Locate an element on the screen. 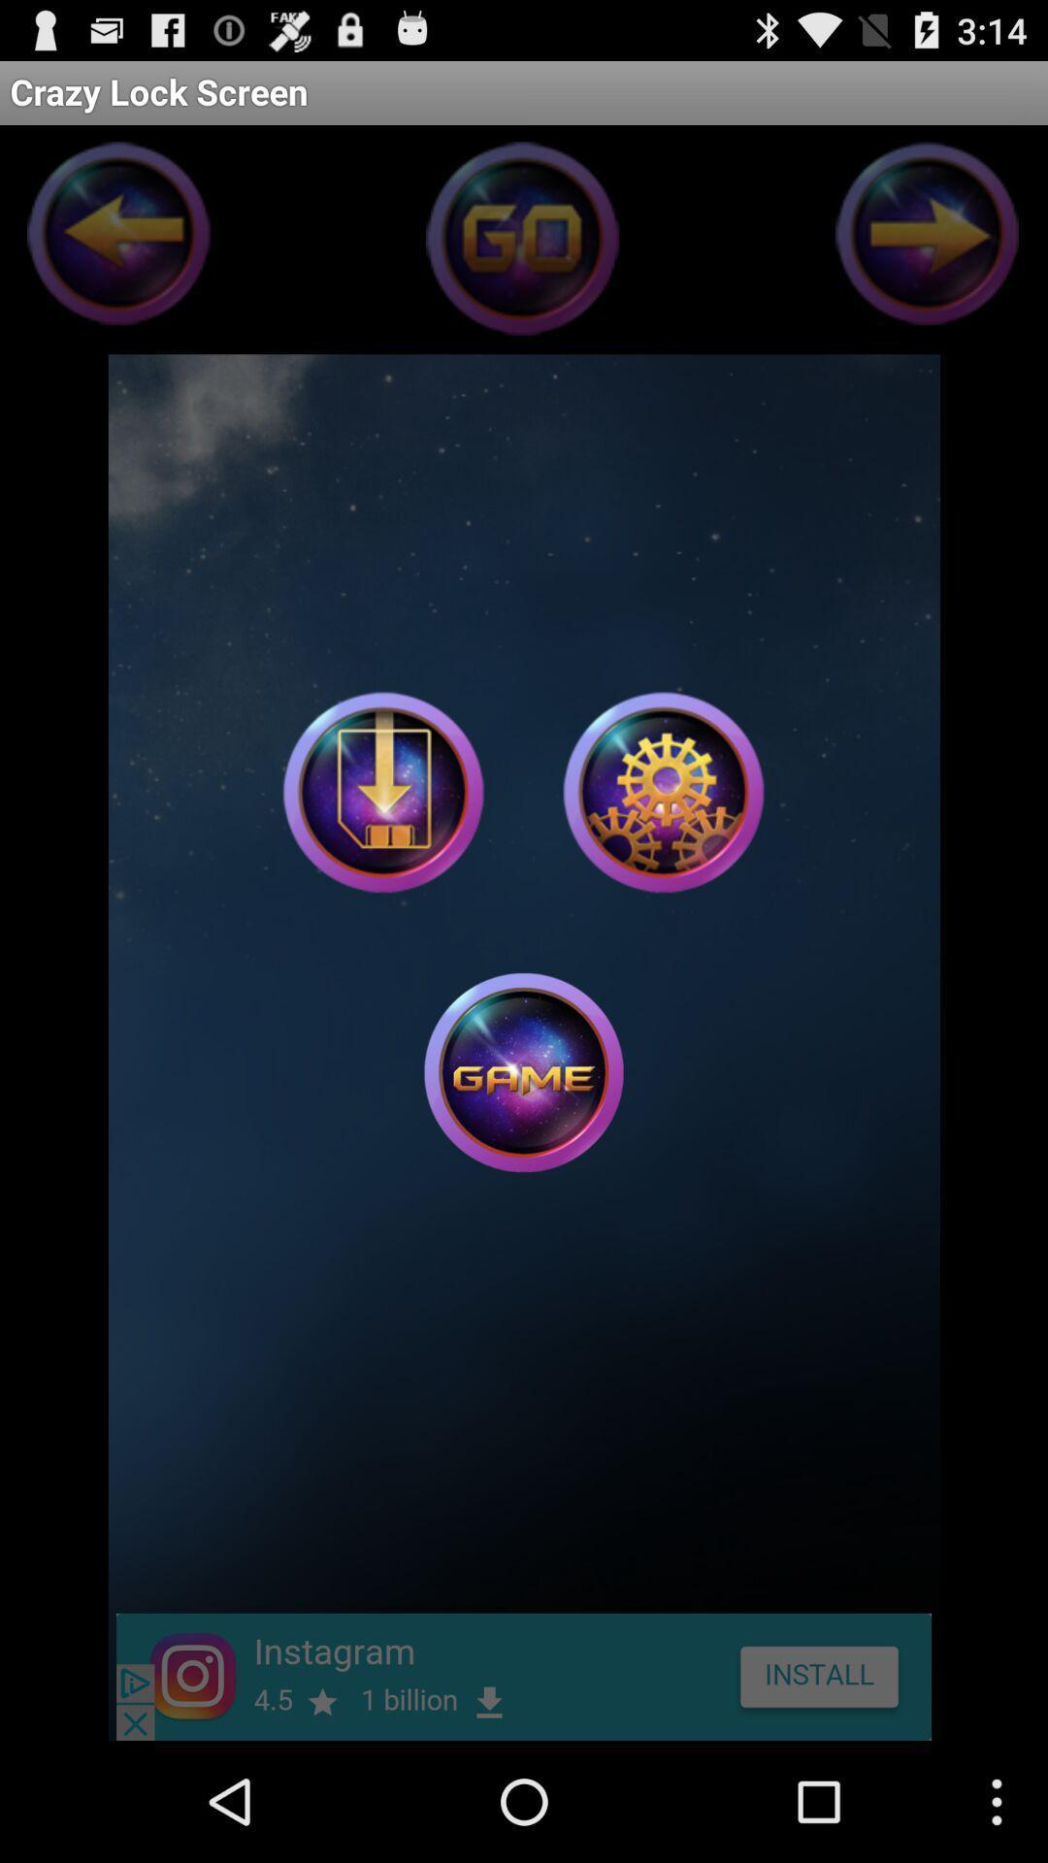 The image size is (1048, 1863). settings is located at coordinates (662, 792).